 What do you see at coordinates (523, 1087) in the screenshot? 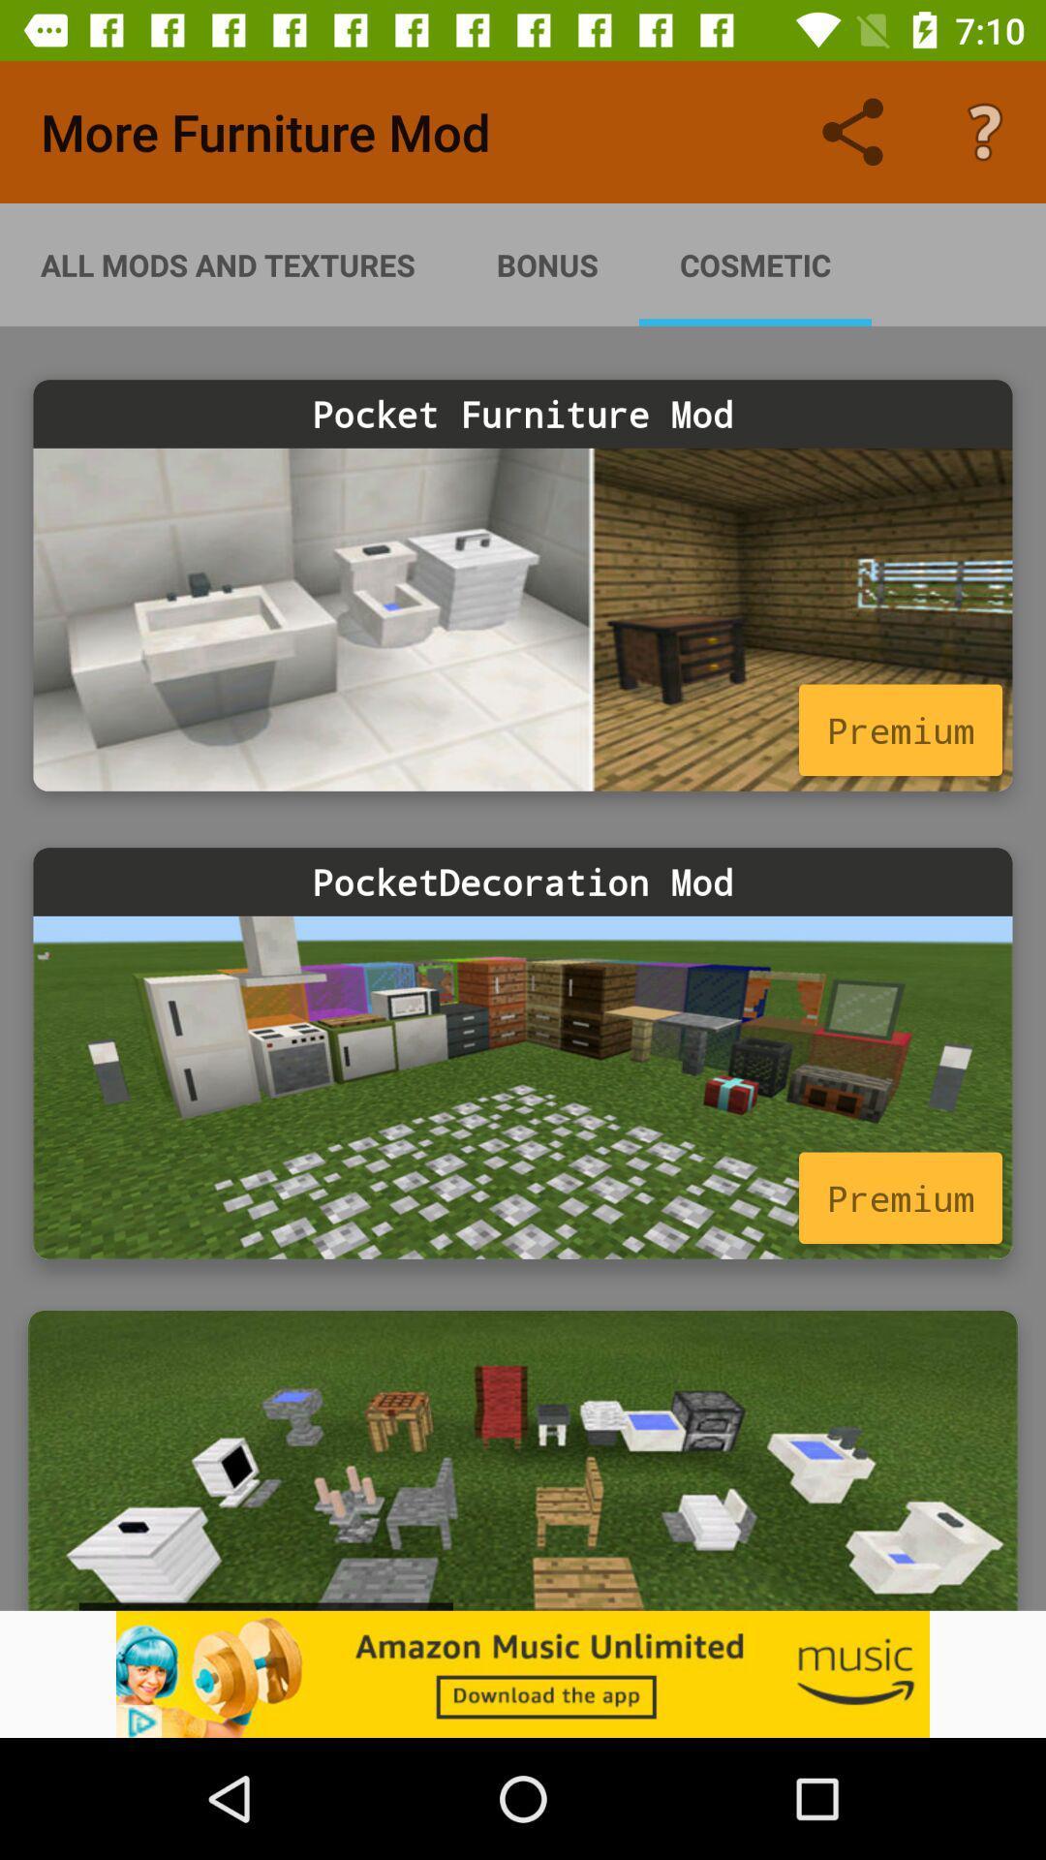
I see `the premium page` at bounding box center [523, 1087].